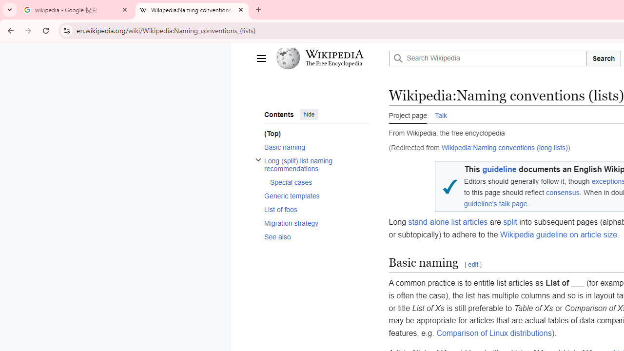 This screenshot has height=351, width=624. I want to click on 'Blue tick', so click(449, 186).